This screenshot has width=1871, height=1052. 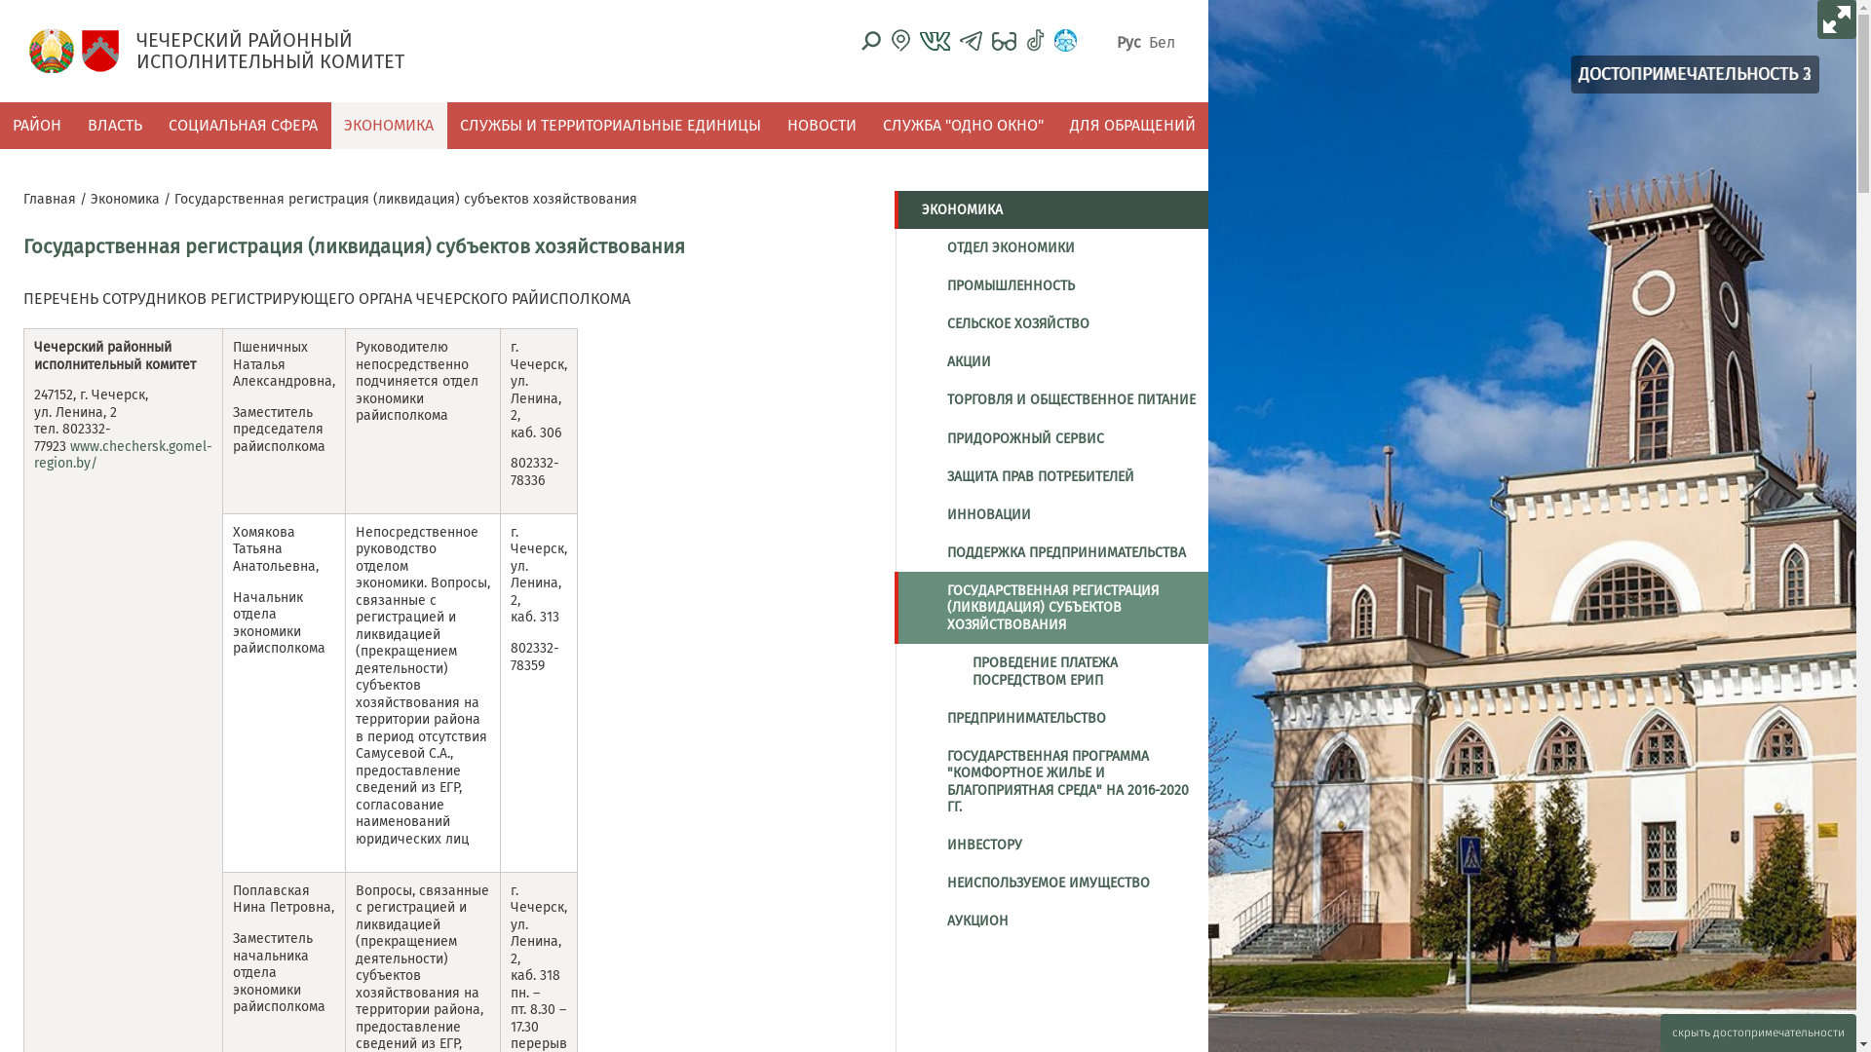 What do you see at coordinates (1034, 40) in the screenshot?
I see `'Tiktok'` at bounding box center [1034, 40].